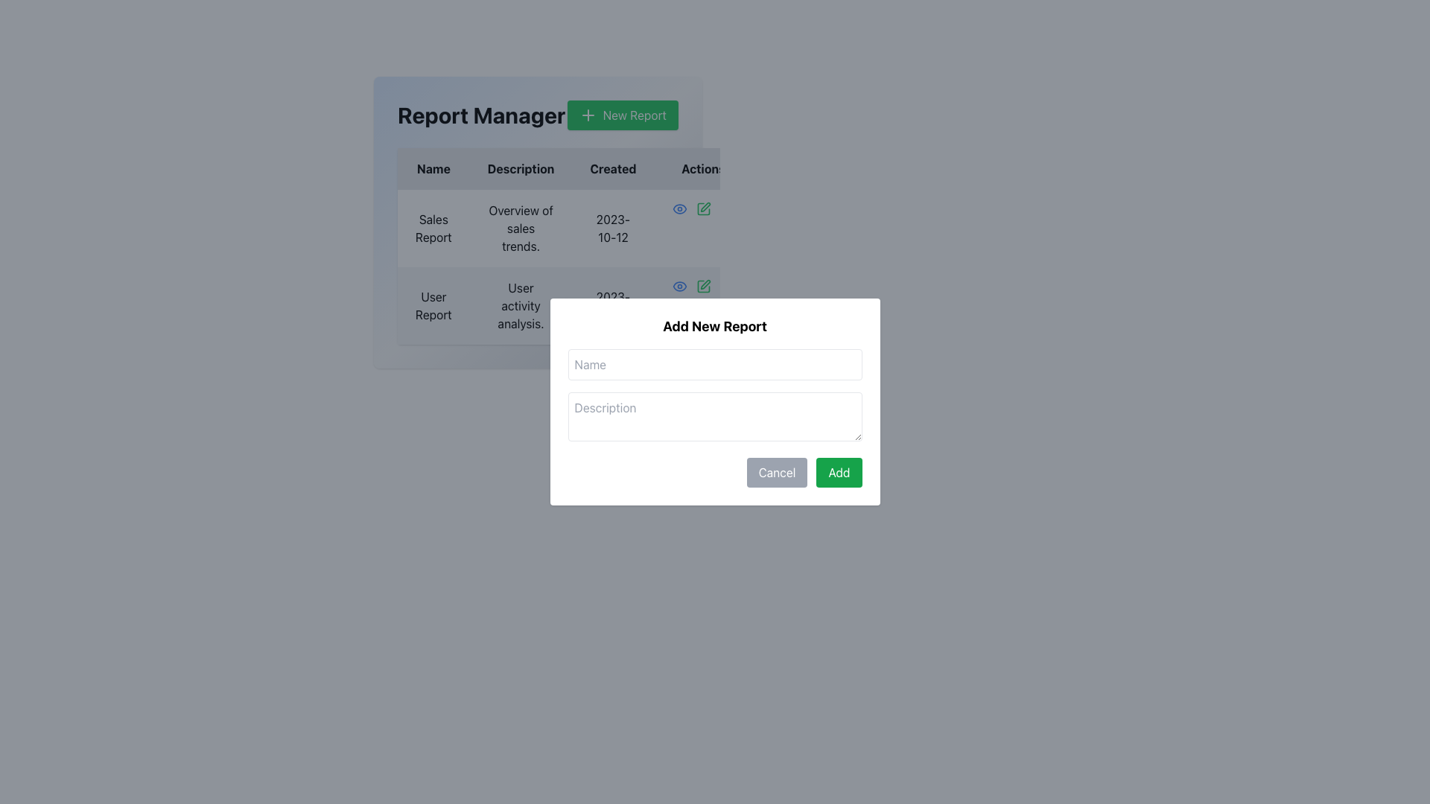  I want to click on the first column header labeled 'Name' in the table, which is positioned at the top-left corner of the table layout, so click(433, 168).